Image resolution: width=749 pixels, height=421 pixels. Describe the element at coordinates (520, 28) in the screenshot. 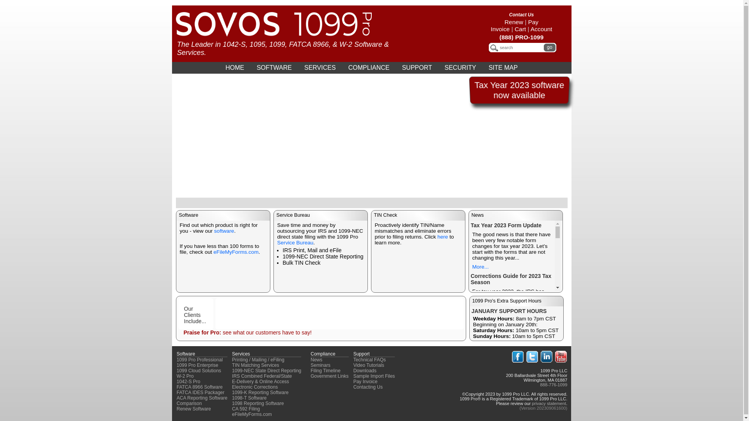

I see `'Cart'` at that location.